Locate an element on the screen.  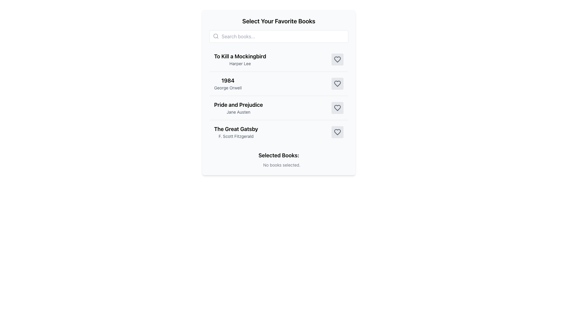
the text display element showing the book title 'To Kill a Mockingbird' and author 'Harper Lee' is located at coordinates (240, 60).